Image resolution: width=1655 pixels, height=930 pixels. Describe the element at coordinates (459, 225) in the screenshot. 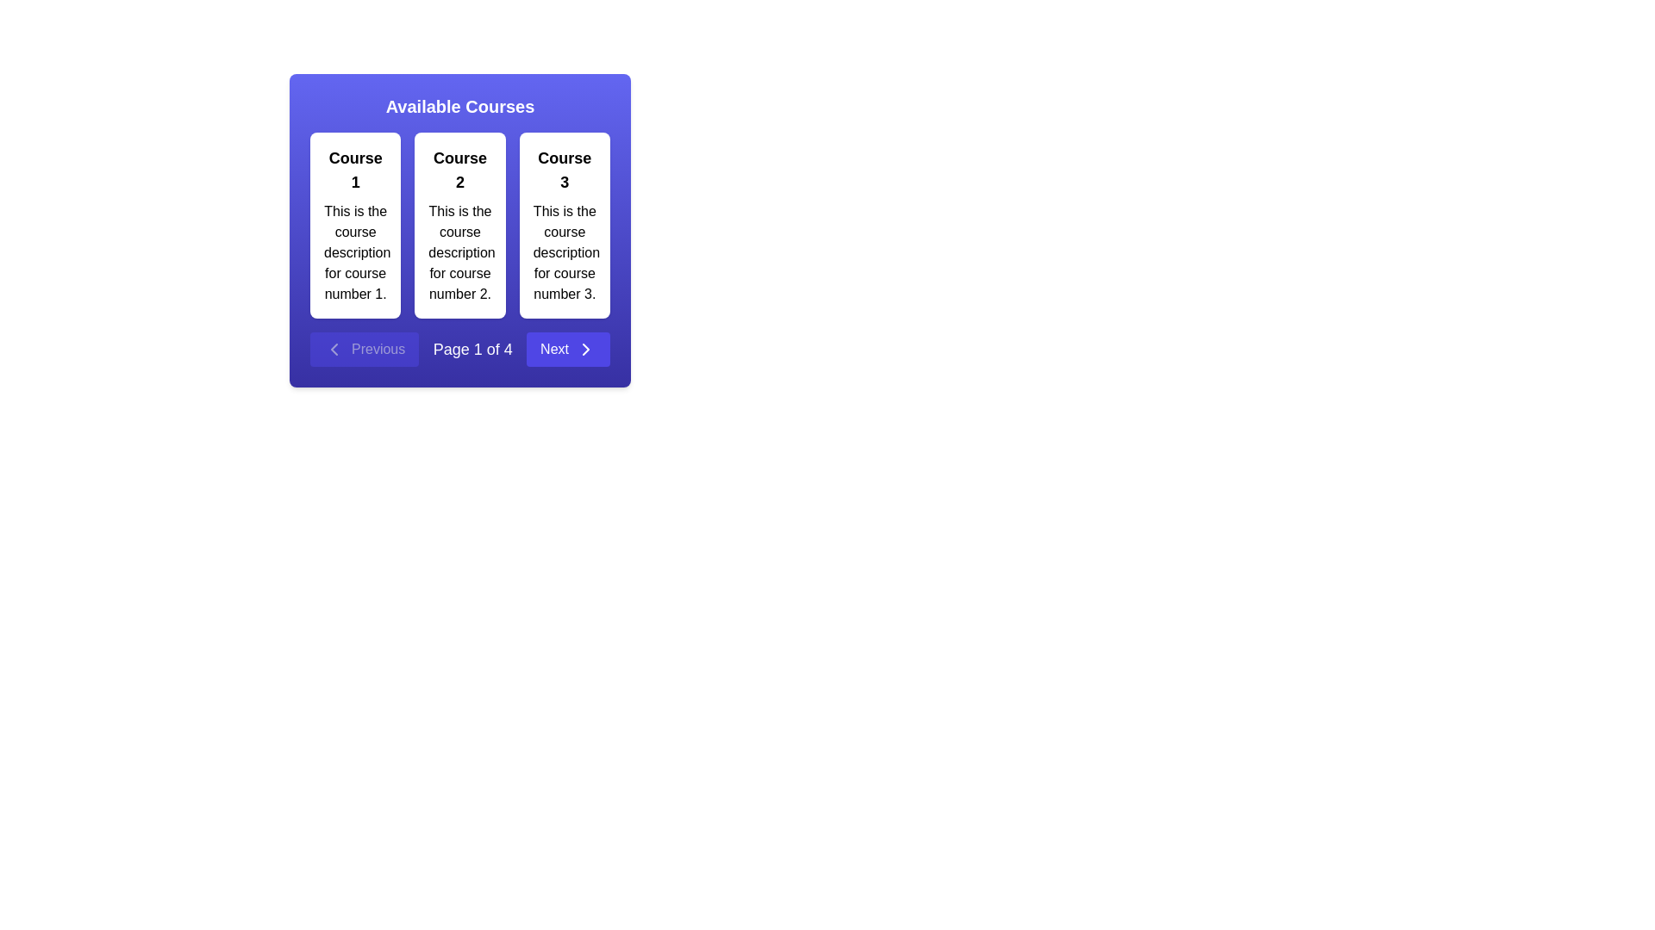

I see `the informational card displaying information about 'Course 2', which is the second card in a row of three cards` at that location.